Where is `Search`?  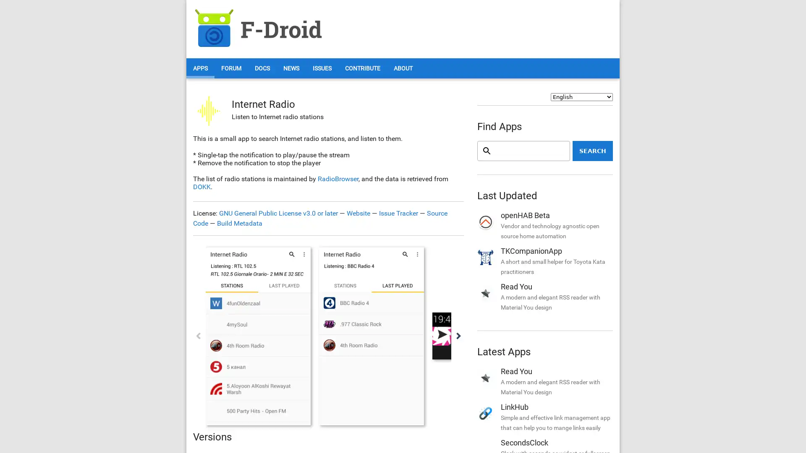 Search is located at coordinates (592, 150).